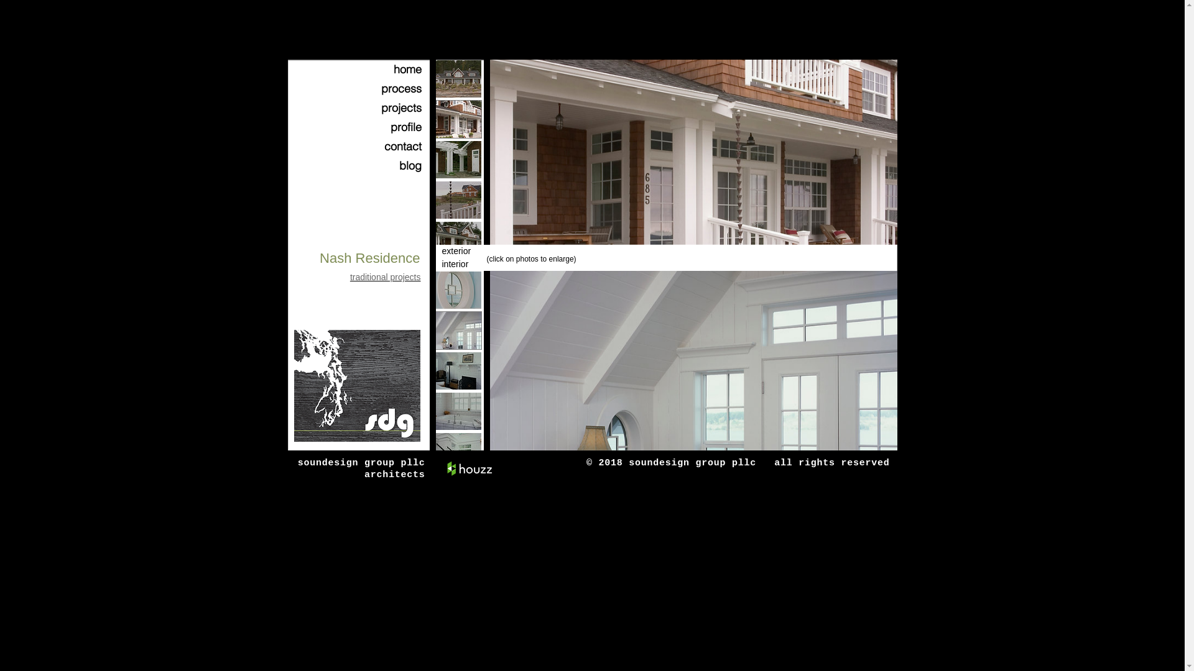  I want to click on 'projects', so click(386, 107).